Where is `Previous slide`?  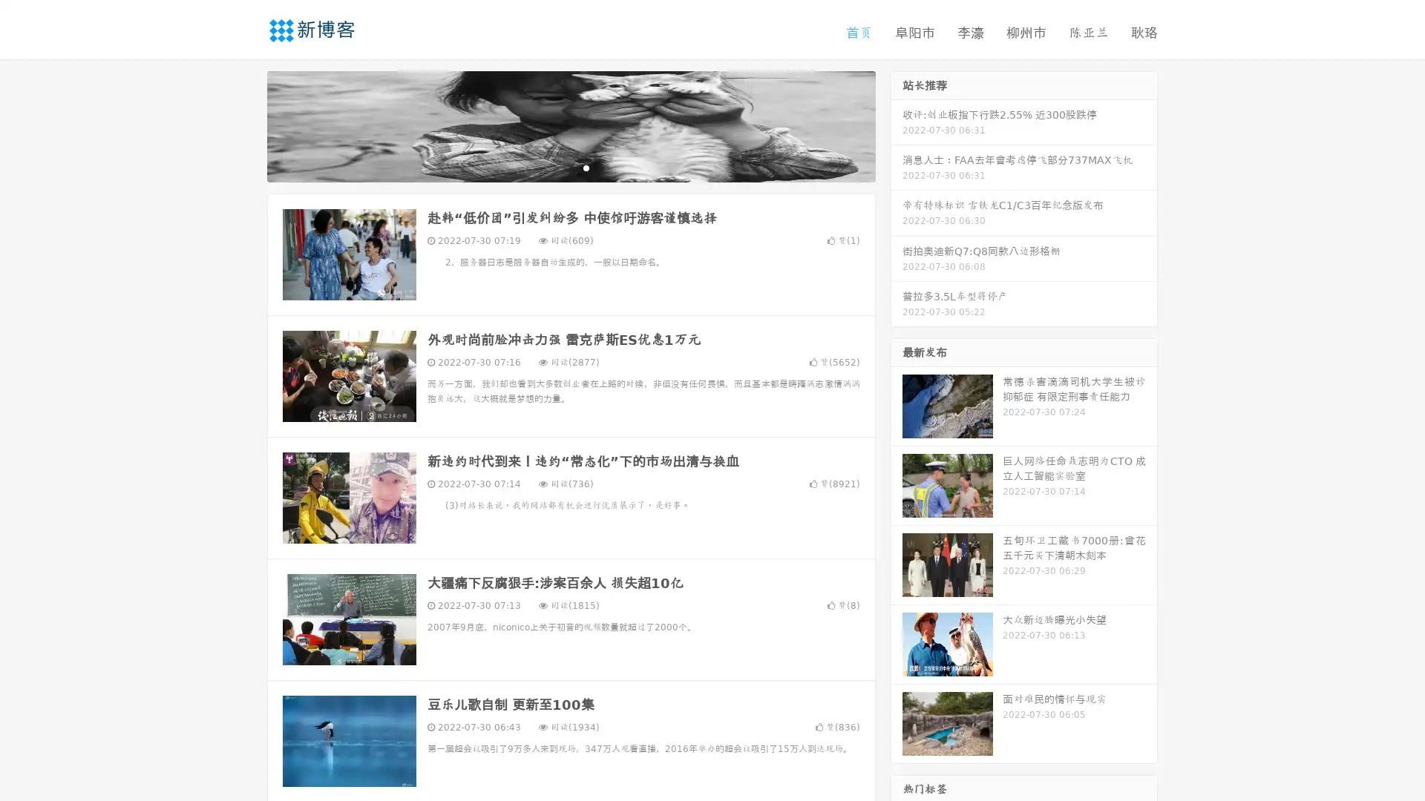
Previous slide is located at coordinates (245, 125).